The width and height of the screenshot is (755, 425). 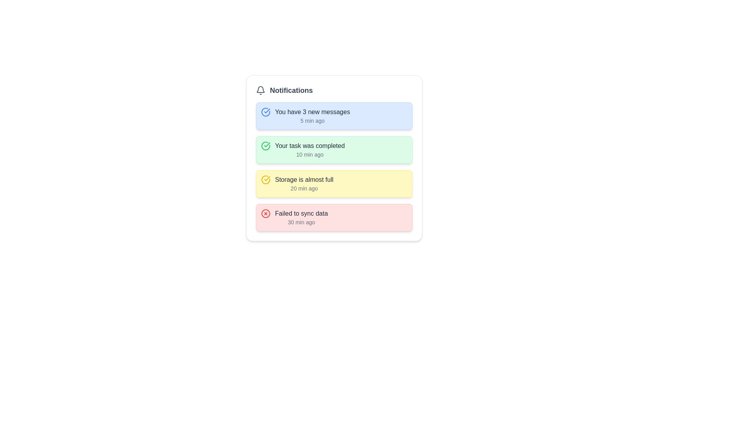 What do you see at coordinates (301, 214) in the screenshot?
I see `notification text labeled 'Failed to sync data' which is styled in medium-weight gray on a light pink background, located in the fourth notification panel at the bottom of the notification list` at bounding box center [301, 214].